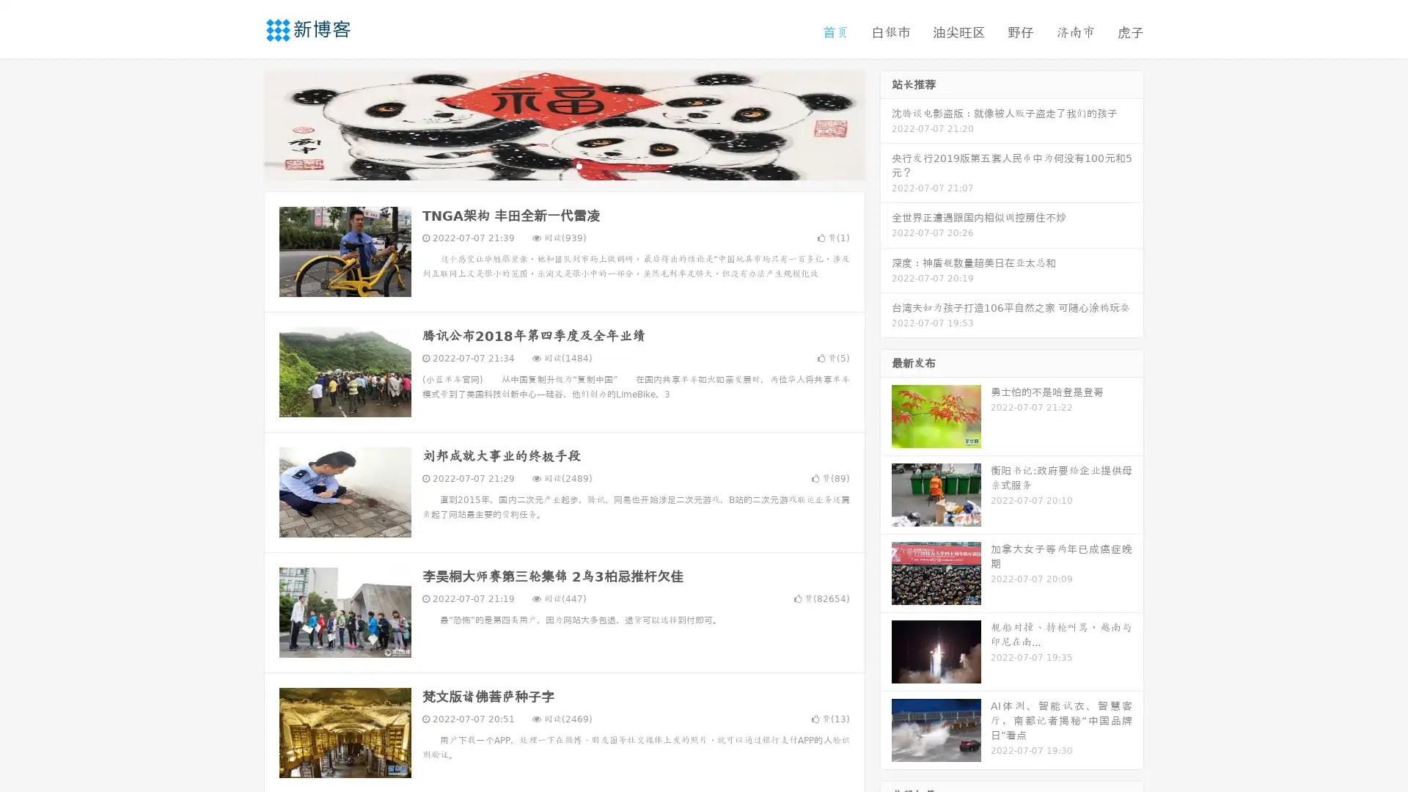  I want to click on Go to slide 2, so click(563, 165).